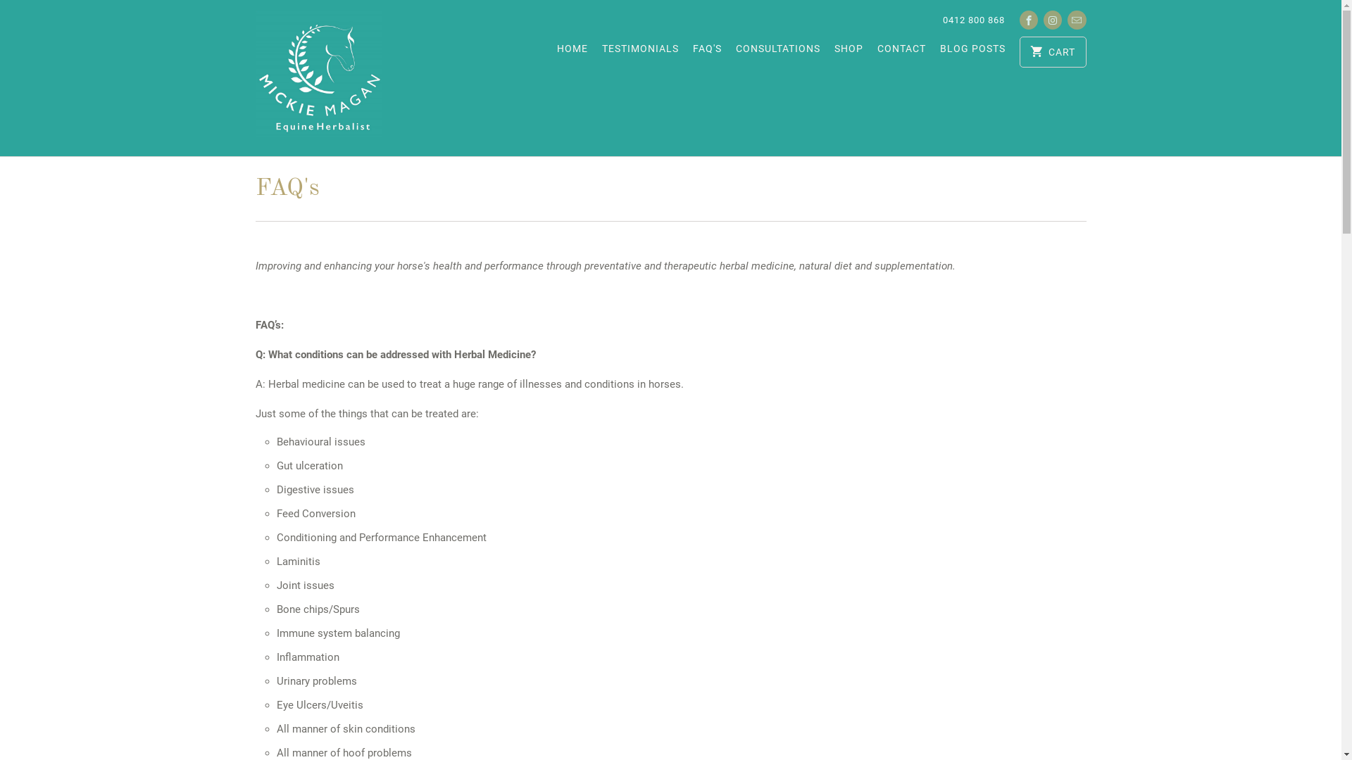 The image size is (1352, 760). Describe the element at coordinates (972, 20) in the screenshot. I see `'0412 800 868'` at that location.